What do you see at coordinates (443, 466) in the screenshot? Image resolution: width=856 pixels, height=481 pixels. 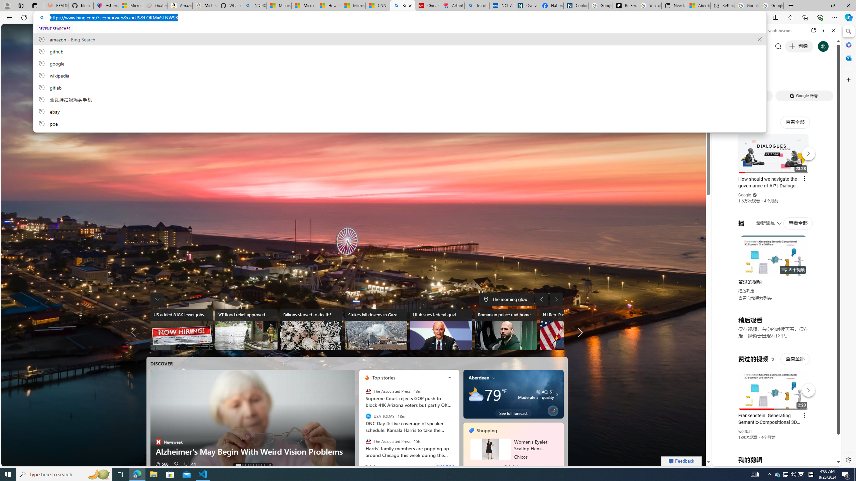 I see `'See more'` at bounding box center [443, 466].